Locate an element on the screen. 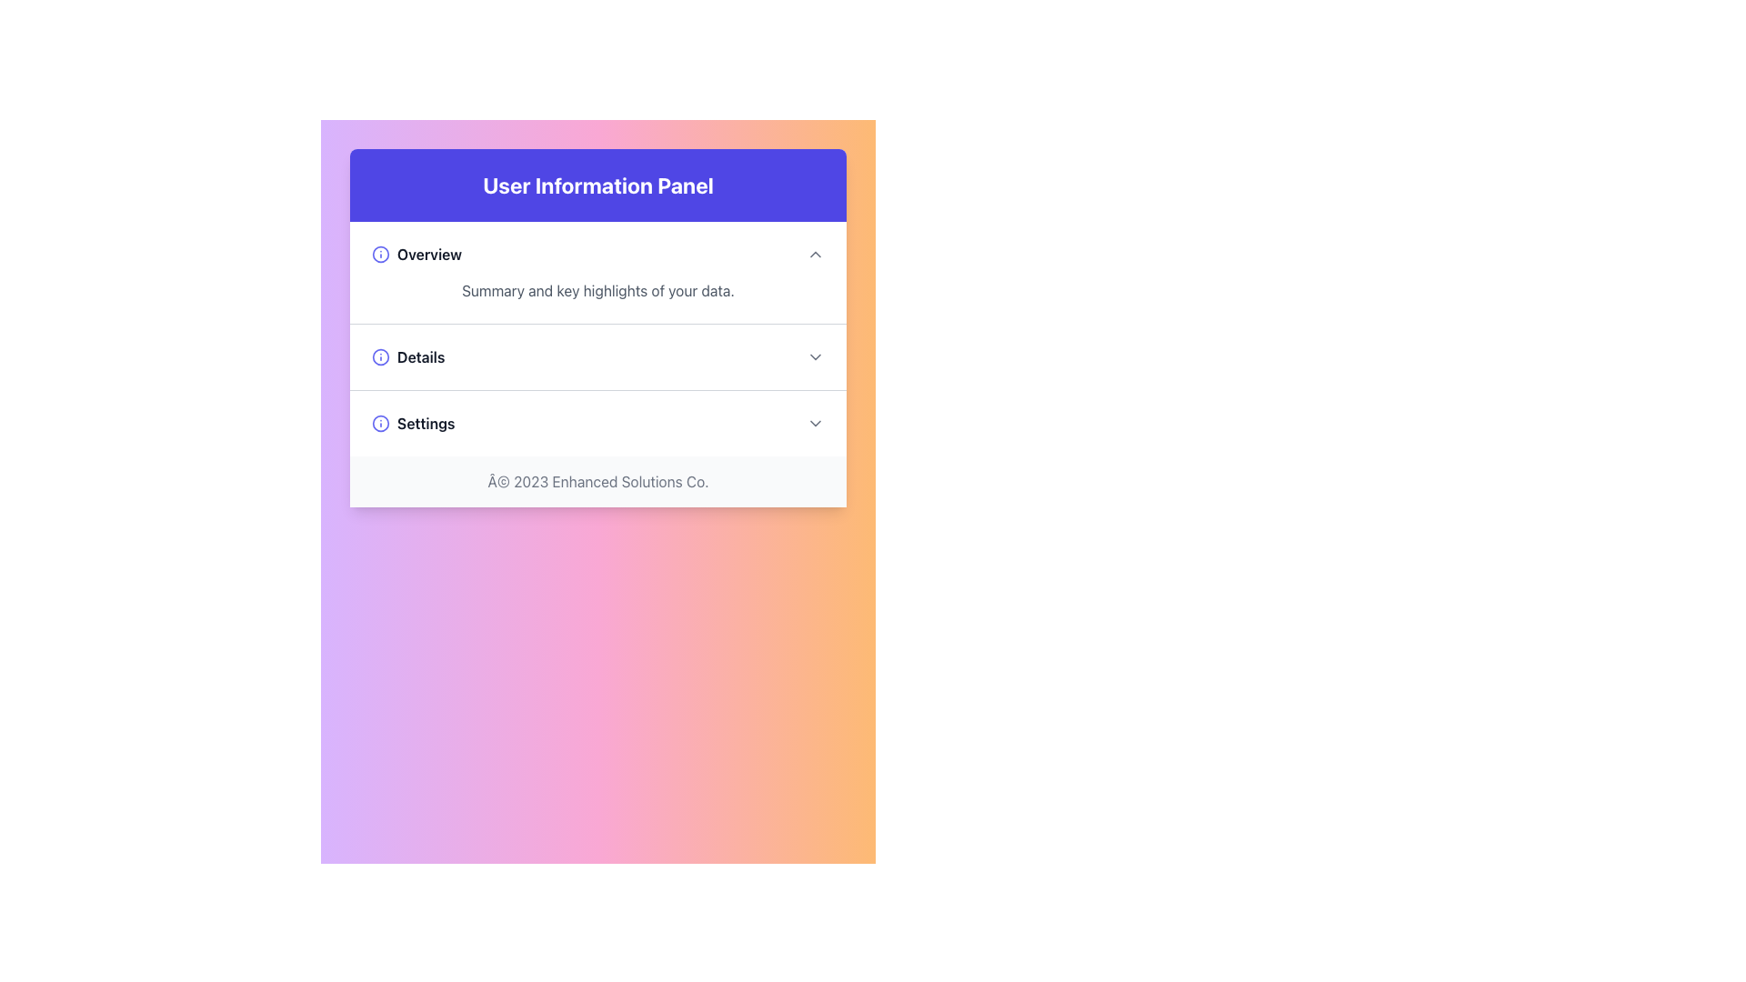  the 'Details' label, which is a bold dark gray text located centrally beneath the 'Overview' section is located at coordinates (407, 357).